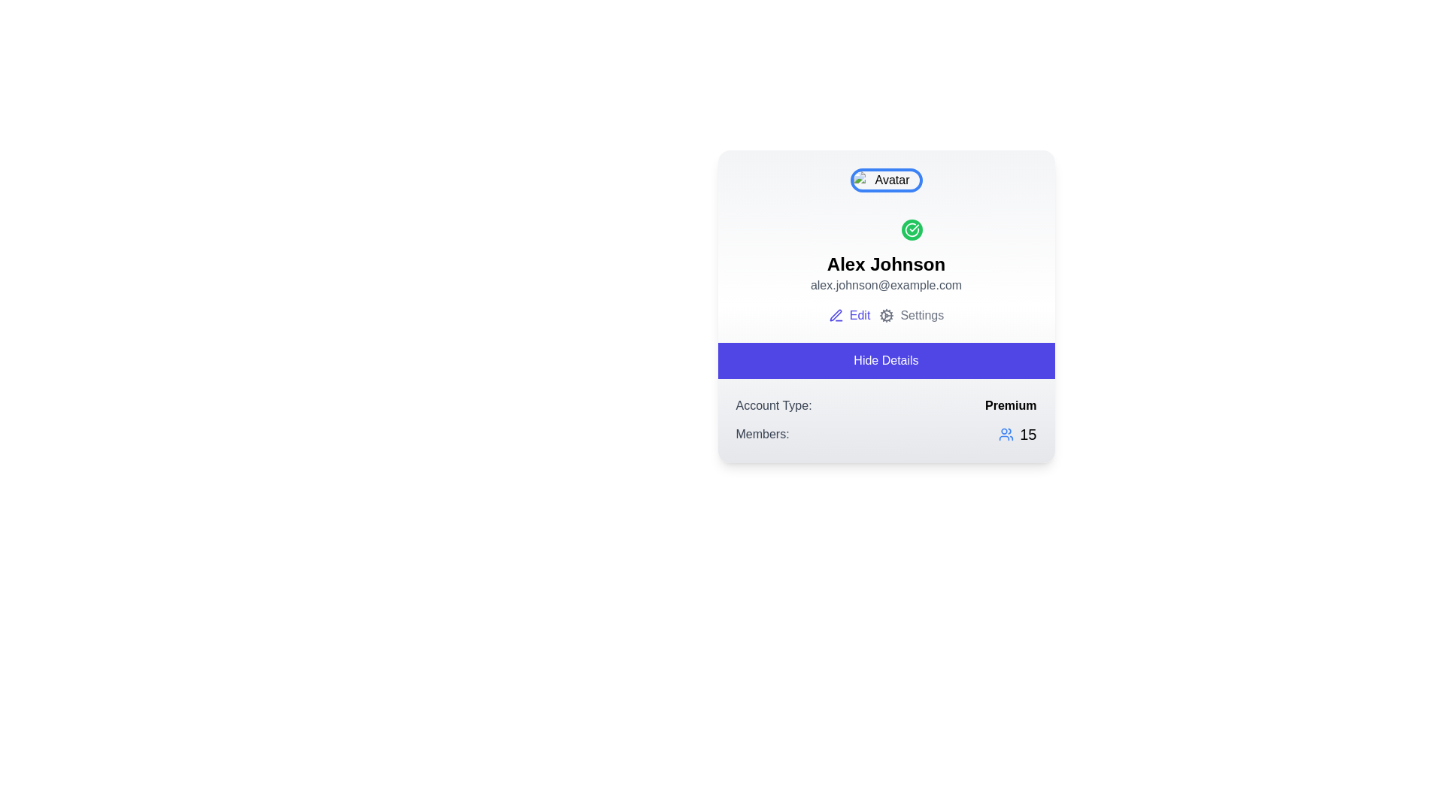  Describe the element at coordinates (886, 286) in the screenshot. I see `the text display element that shows the user's email address, located below the heading 'Alex Johnson' in the profile card` at that location.